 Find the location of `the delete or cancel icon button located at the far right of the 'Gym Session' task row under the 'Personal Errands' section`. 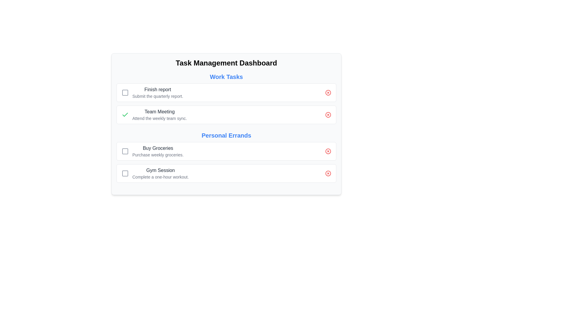

the delete or cancel icon button located at the far right of the 'Gym Session' task row under the 'Personal Errands' section is located at coordinates (328, 173).